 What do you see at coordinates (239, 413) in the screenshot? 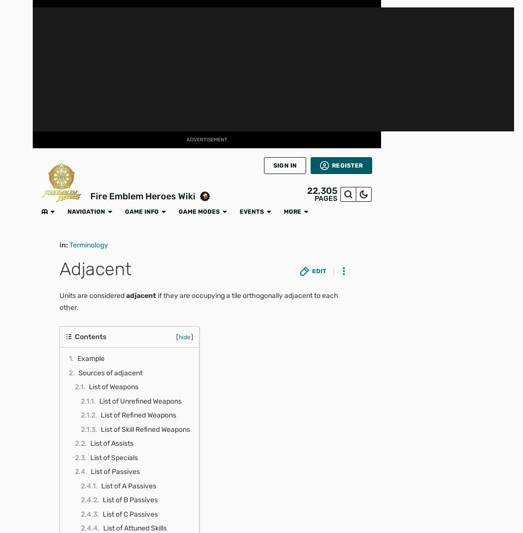
I see `'If adjacent infantry allies use sword, lance, axe, bow, or dagger, grants Atk/Spd+2 to those allies and calculates their damage using the lower of foe's Def or Res during combat. (Does not affect damage dealt by Specials that trigger before combat.)'` at bounding box center [239, 413].